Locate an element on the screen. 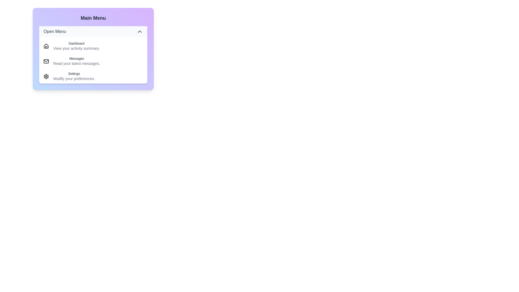  the icon corresponding to Dashboard in the menu is located at coordinates (46, 46).